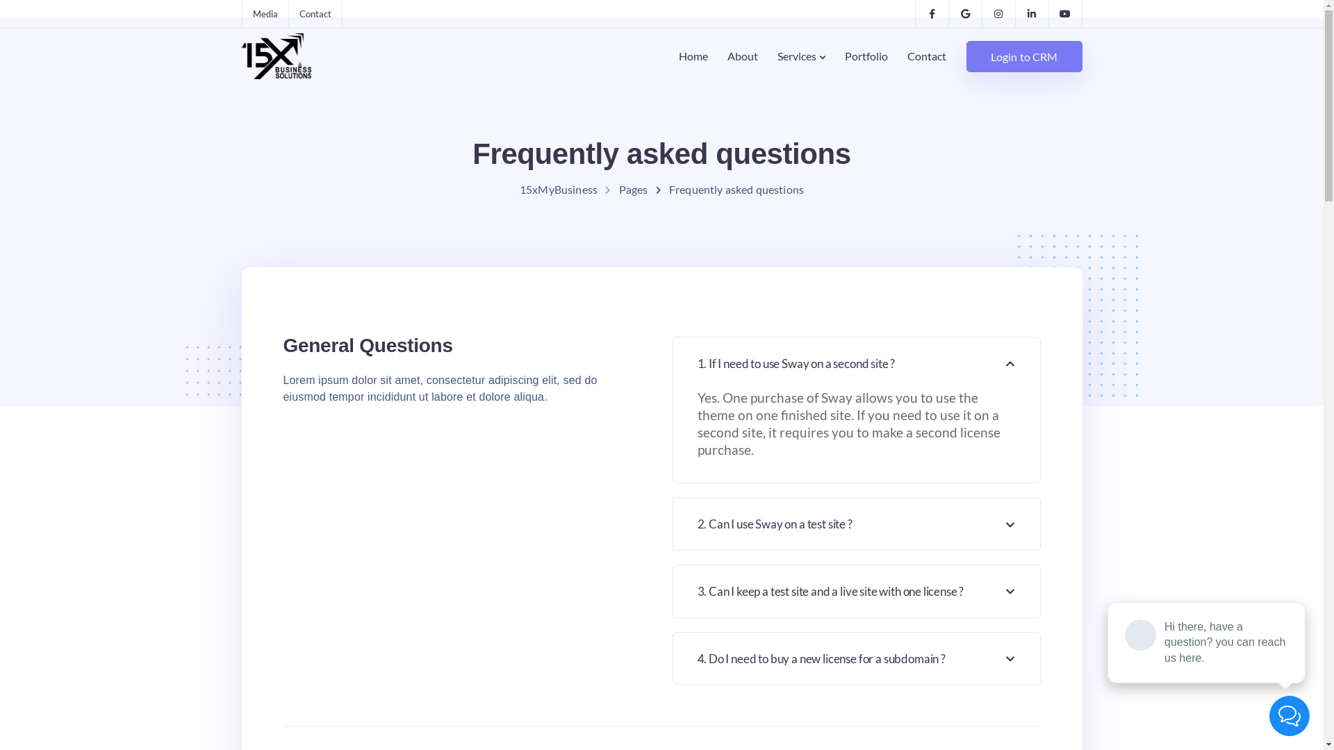 The height and width of the screenshot is (750, 1334). What do you see at coordinates (607, 482) in the screenshot?
I see `'Careers'` at bounding box center [607, 482].